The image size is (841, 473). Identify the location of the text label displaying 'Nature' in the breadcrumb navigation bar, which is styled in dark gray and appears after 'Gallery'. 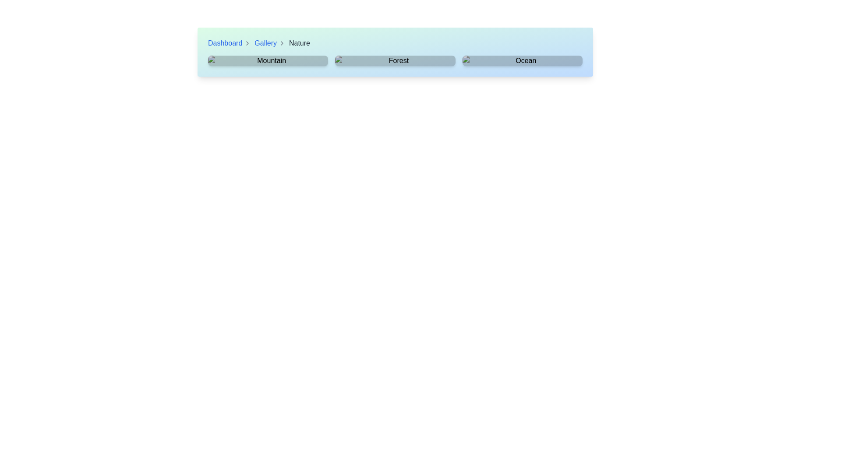
(299, 43).